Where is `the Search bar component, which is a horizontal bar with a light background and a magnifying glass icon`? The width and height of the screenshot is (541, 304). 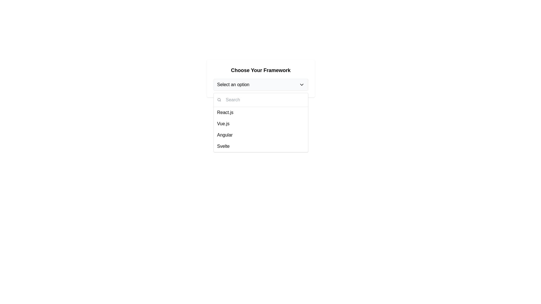 the Search bar component, which is a horizontal bar with a light background and a magnifying glass icon is located at coordinates (260, 100).